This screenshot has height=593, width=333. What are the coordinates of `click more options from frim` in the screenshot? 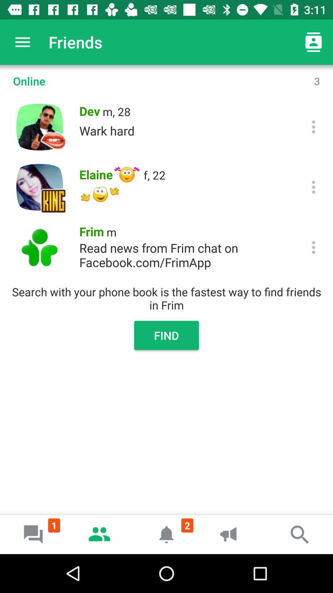 It's located at (314, 247).